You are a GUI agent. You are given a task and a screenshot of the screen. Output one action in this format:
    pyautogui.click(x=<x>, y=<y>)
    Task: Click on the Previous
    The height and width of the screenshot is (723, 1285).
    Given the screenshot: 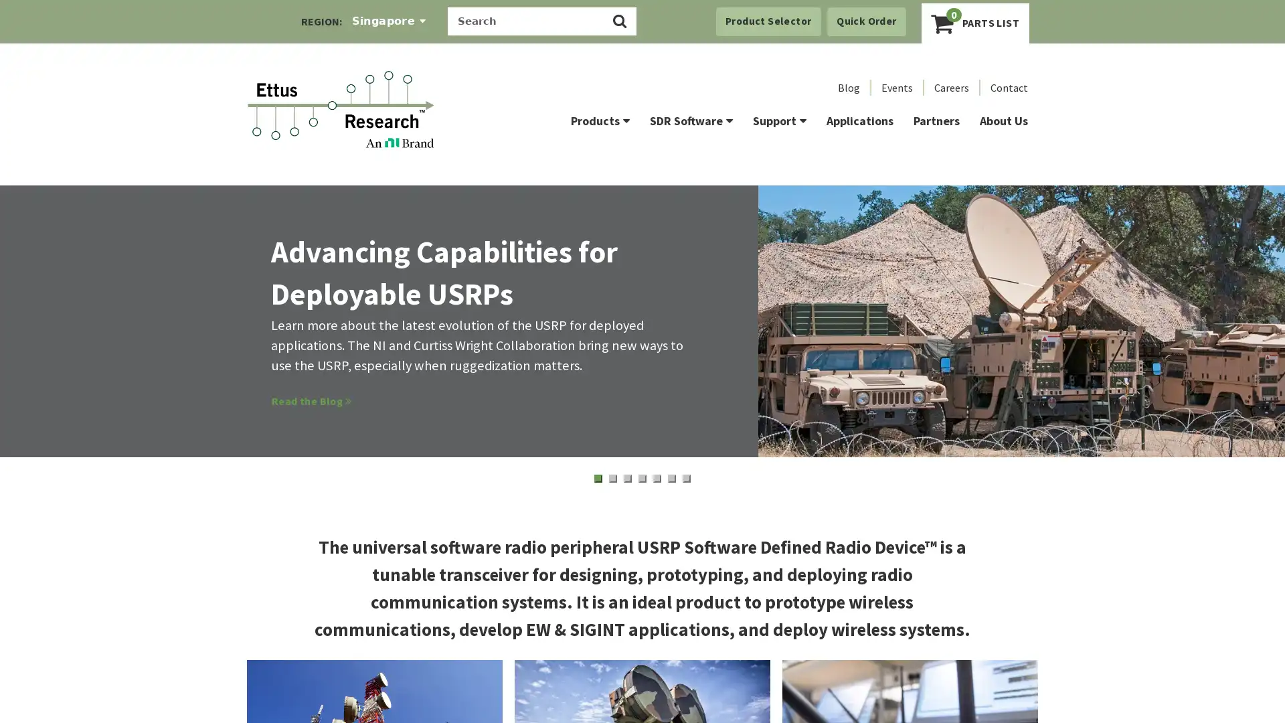 What is the action you would take?
    pyautogui.click(x=39, y=341)
    